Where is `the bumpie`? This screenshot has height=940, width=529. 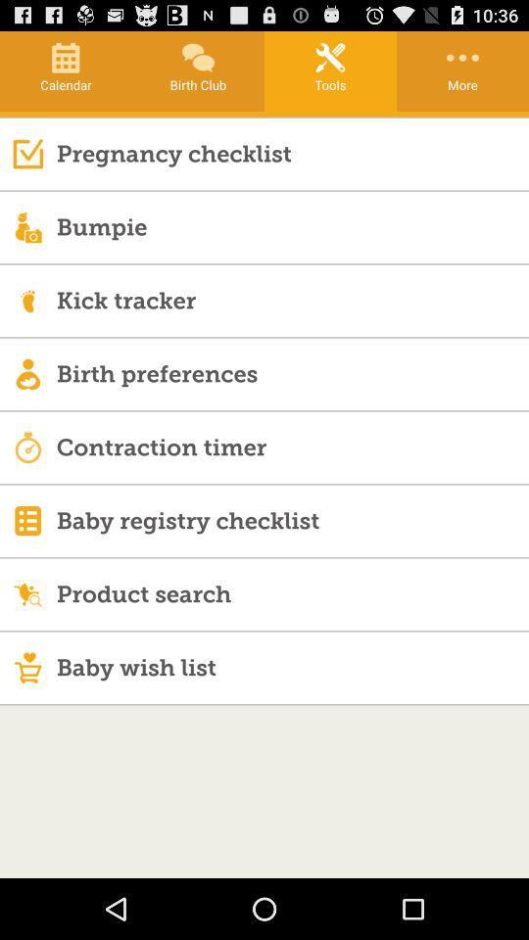
the bumpie is located at coordinates (291, 226).